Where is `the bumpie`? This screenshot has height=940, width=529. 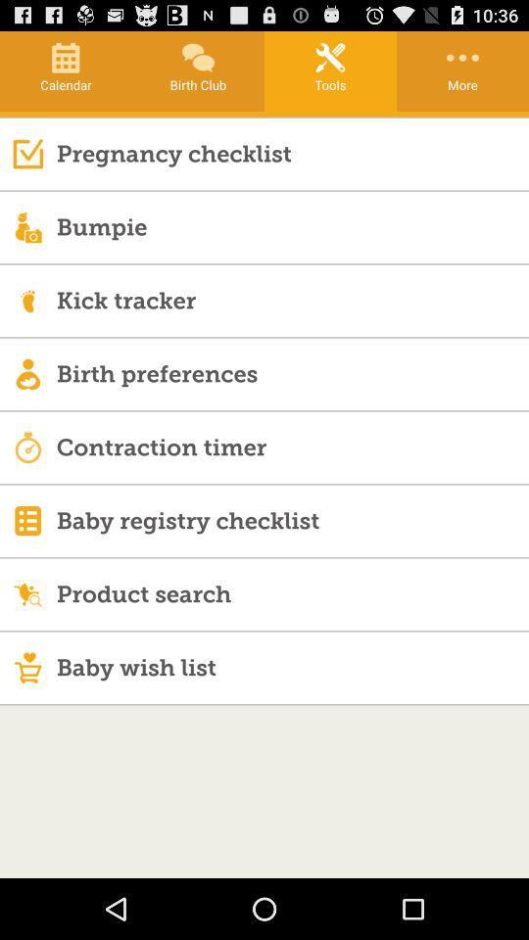
the bumpie is located at coordinates (291, 226).